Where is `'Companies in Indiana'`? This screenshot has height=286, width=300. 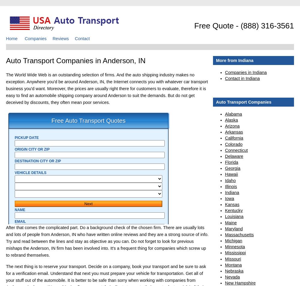
'Companies in Indiana' is located at coordinates (245, 72).